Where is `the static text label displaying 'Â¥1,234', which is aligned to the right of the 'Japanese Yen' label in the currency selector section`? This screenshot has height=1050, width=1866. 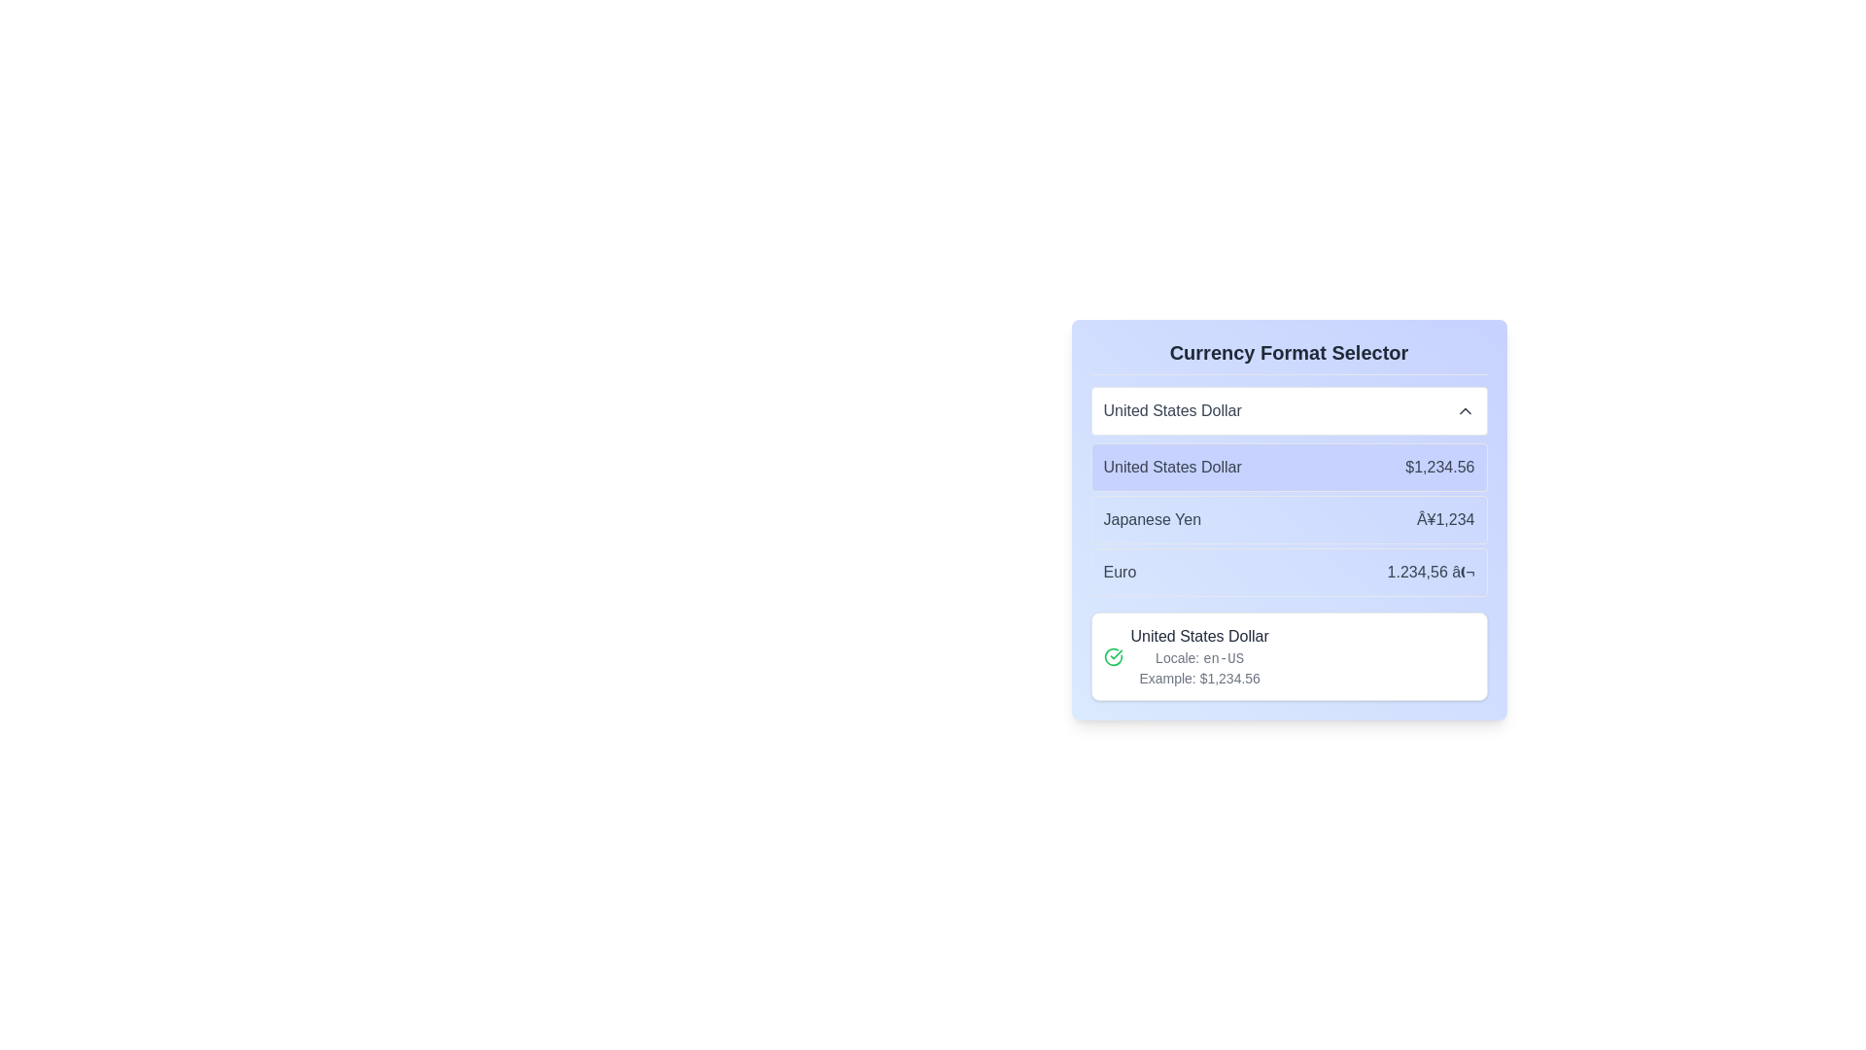 the static text label displaying 'Â¥1,234', which is aligned to the right of the 'Japanese Yen' label in the currency selector section is located at coordinates (1445, 519).